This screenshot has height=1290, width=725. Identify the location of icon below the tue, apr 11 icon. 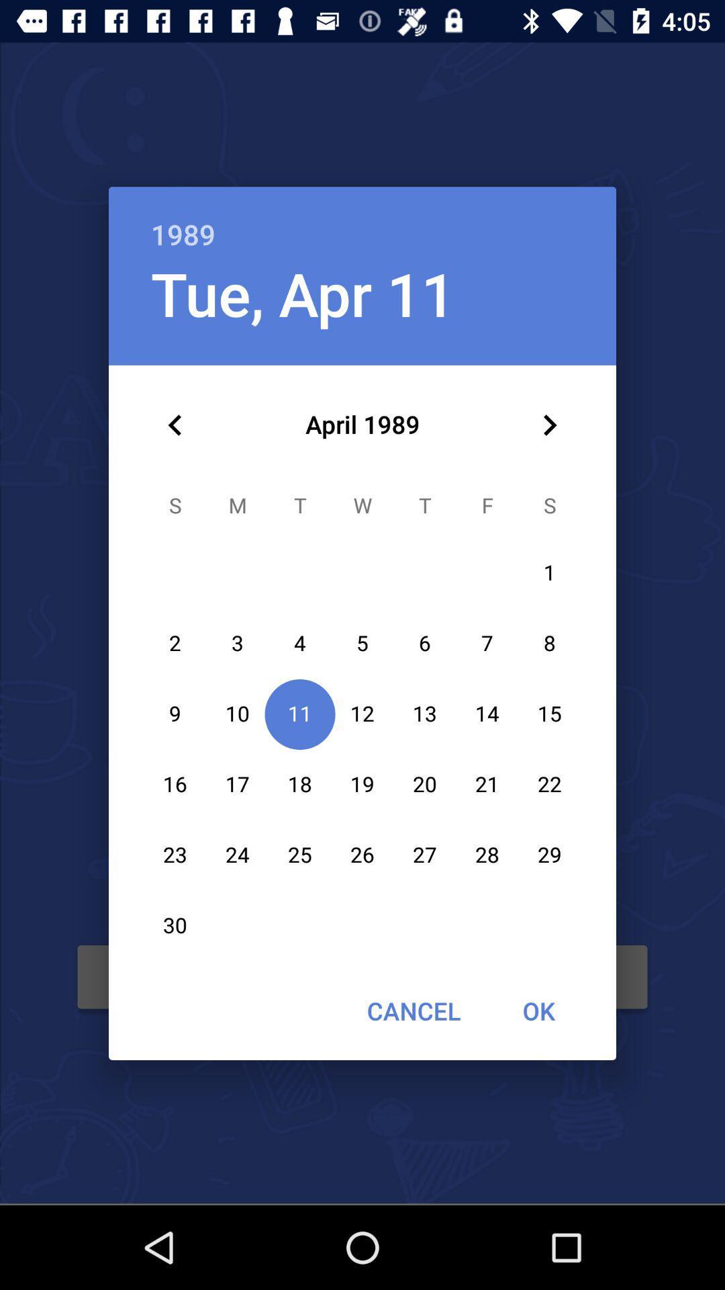
(175, 425).